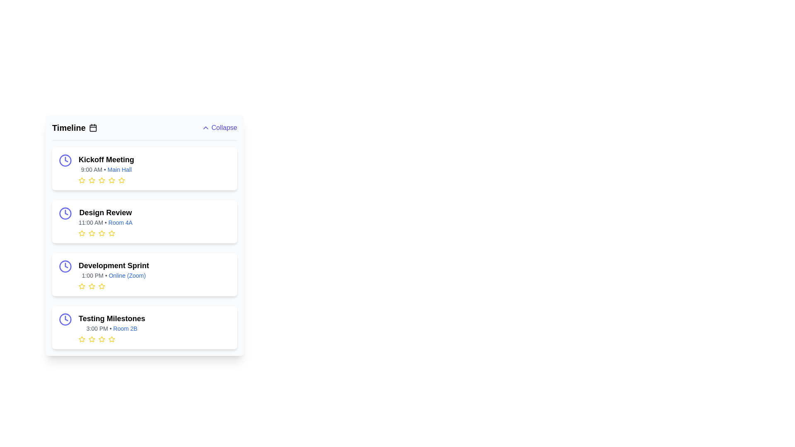 Image resolution: width=795 pixels, height=447 pixels. What do you see at coordinates (145, 221) in the screenshot?
I see `the time or location on the second event card in the timeline interface for more information` at bounding box center [145, 221].